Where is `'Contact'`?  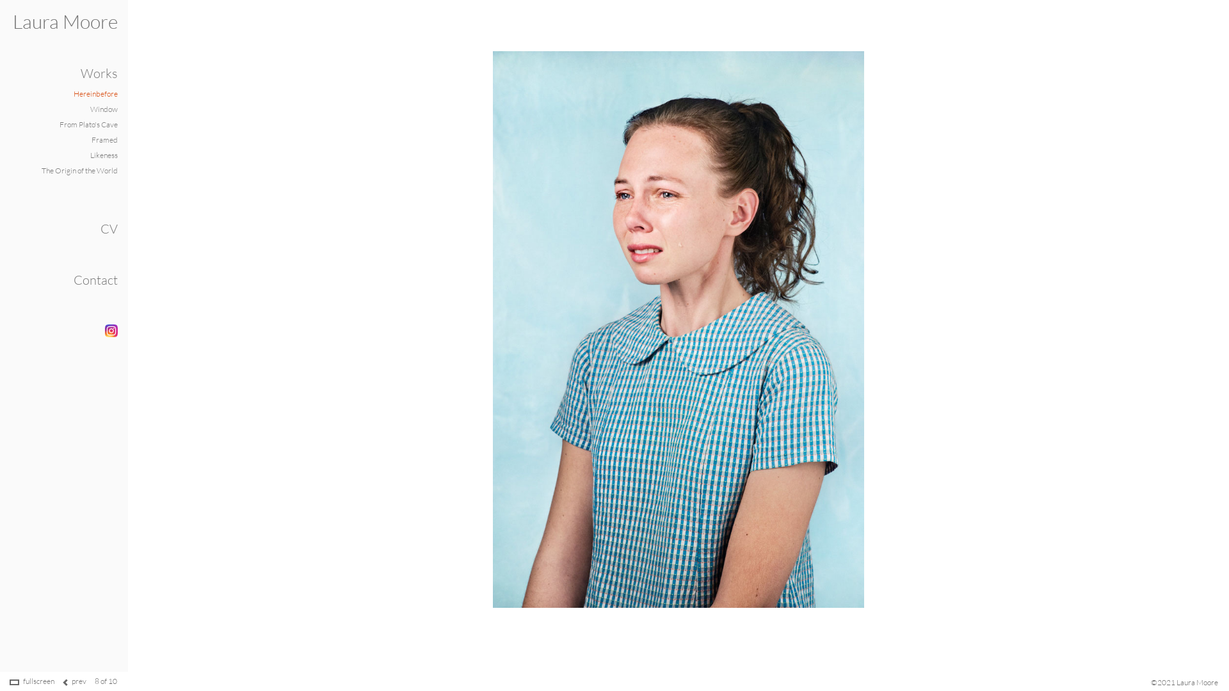
'Contact' is located at coordinates (95, 279).